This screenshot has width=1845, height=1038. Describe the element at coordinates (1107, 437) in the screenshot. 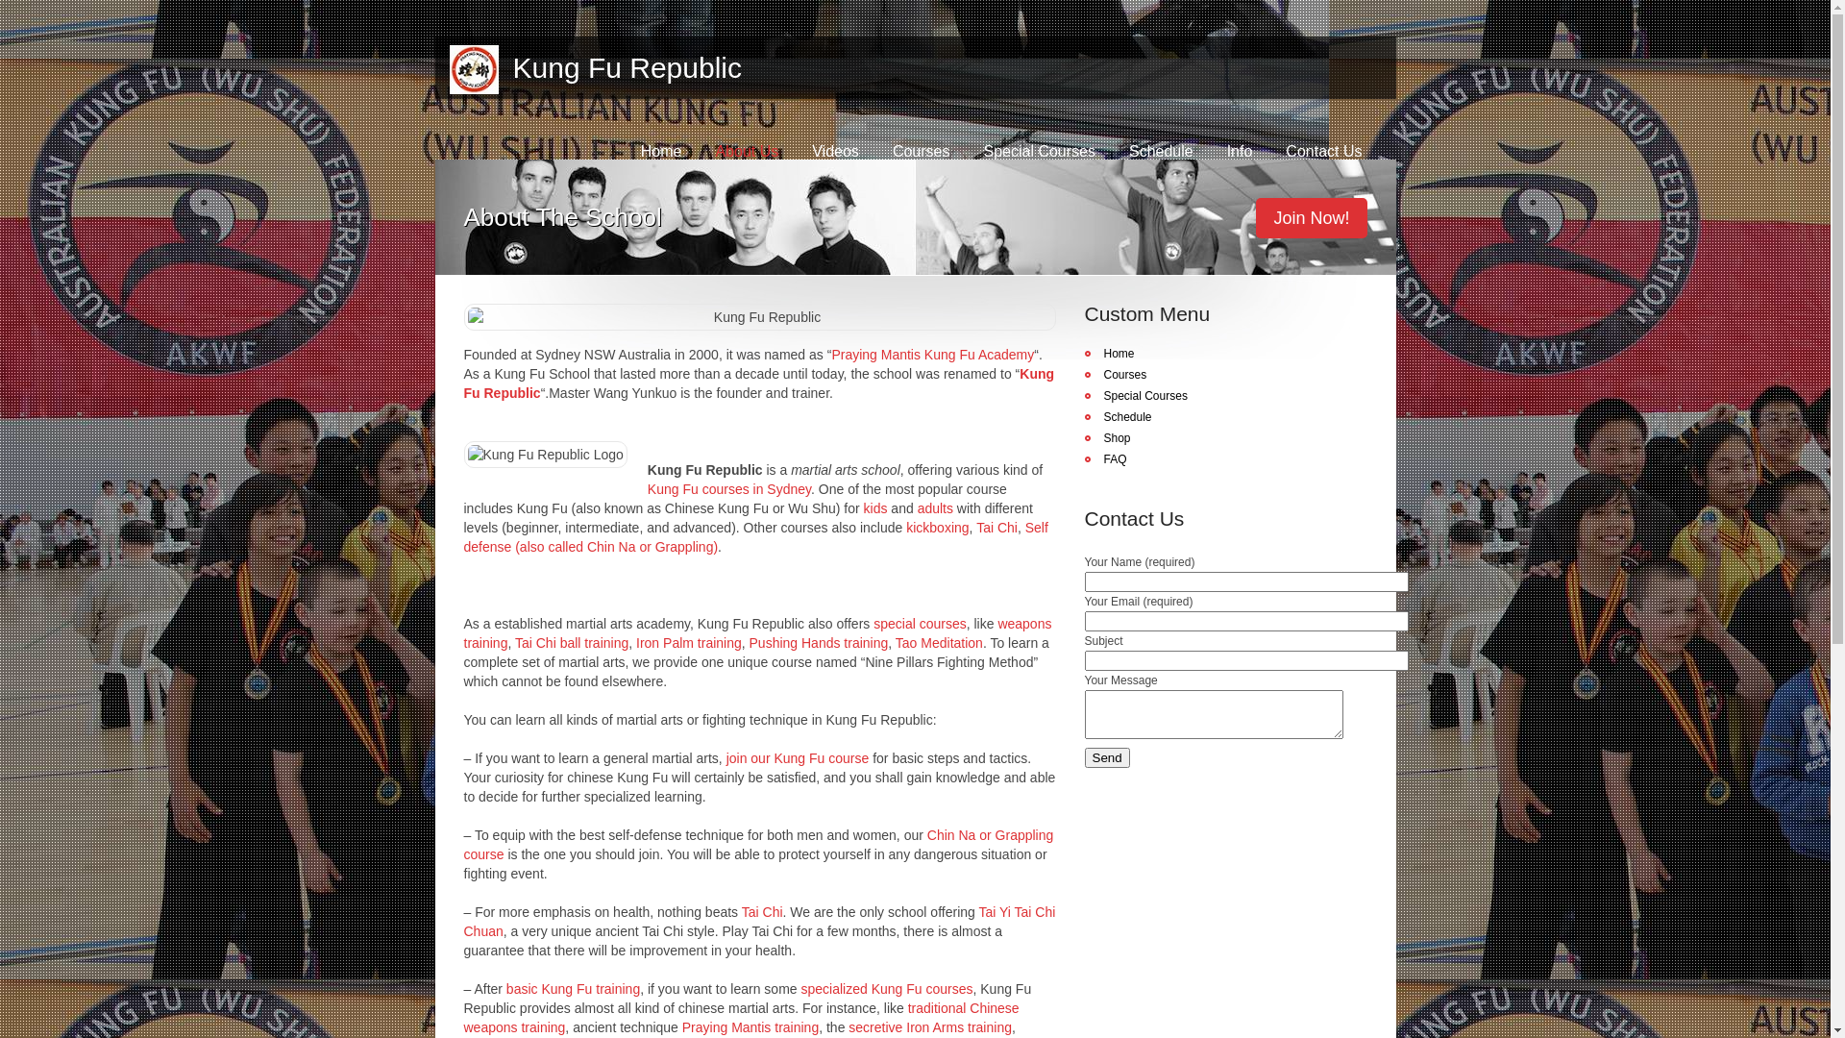

I see `'Shop'` at that location.